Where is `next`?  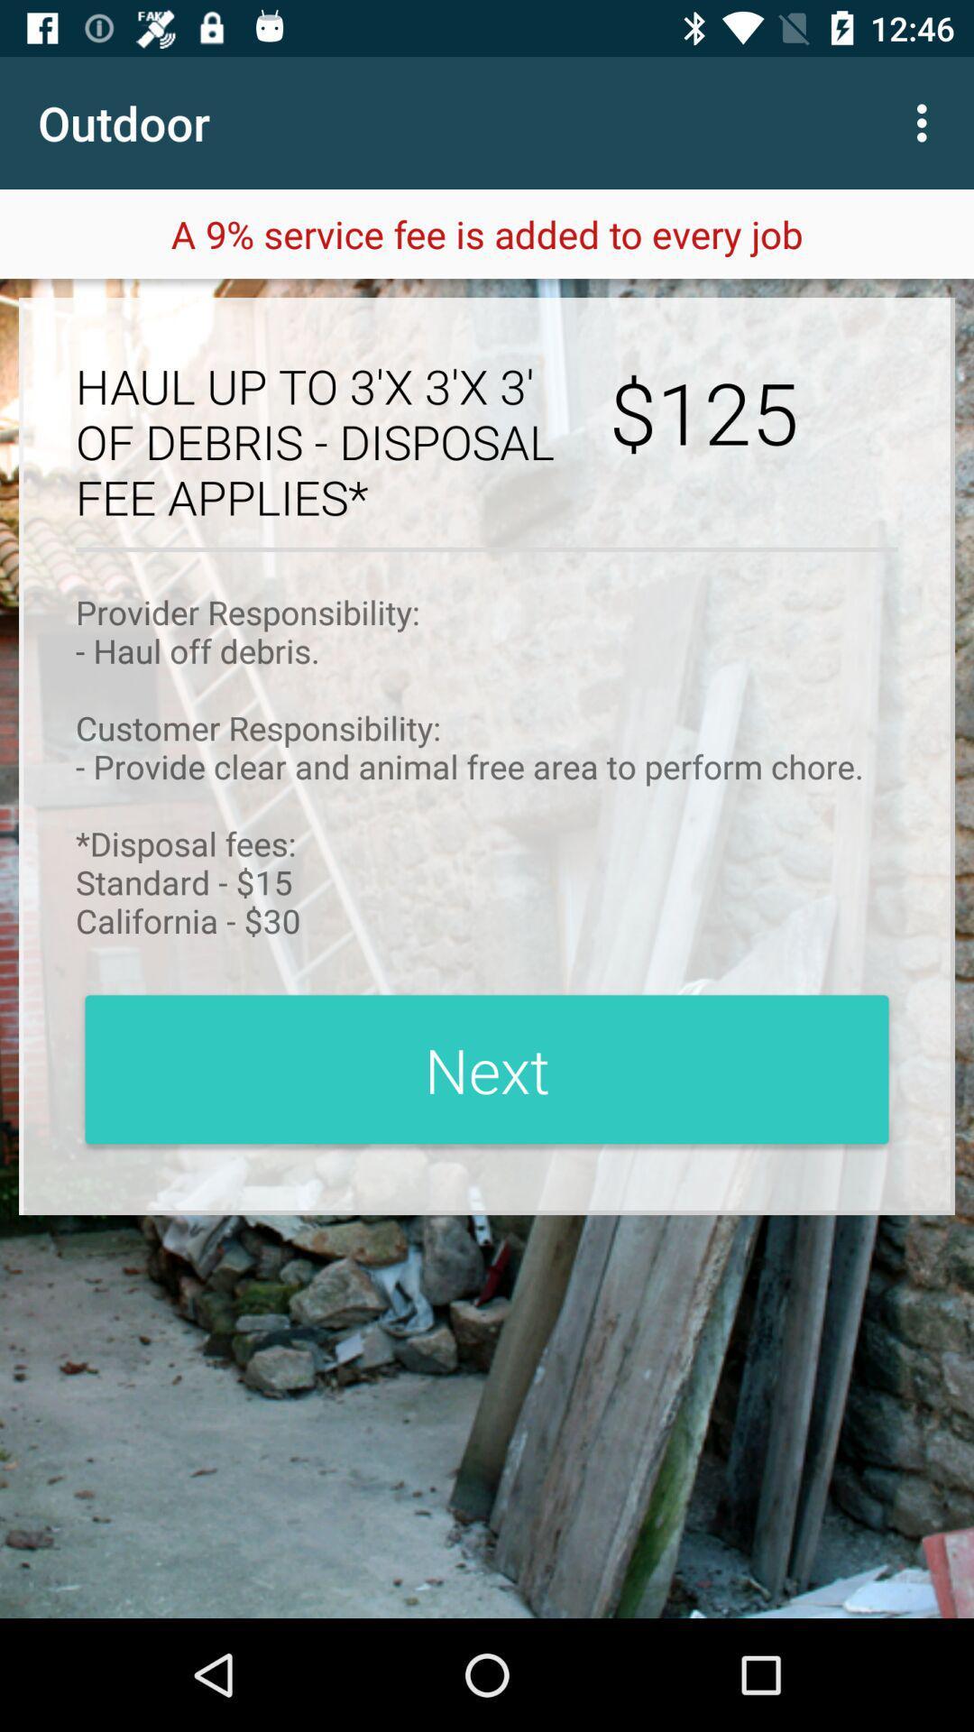
next is located at coordinates (487, 1069).